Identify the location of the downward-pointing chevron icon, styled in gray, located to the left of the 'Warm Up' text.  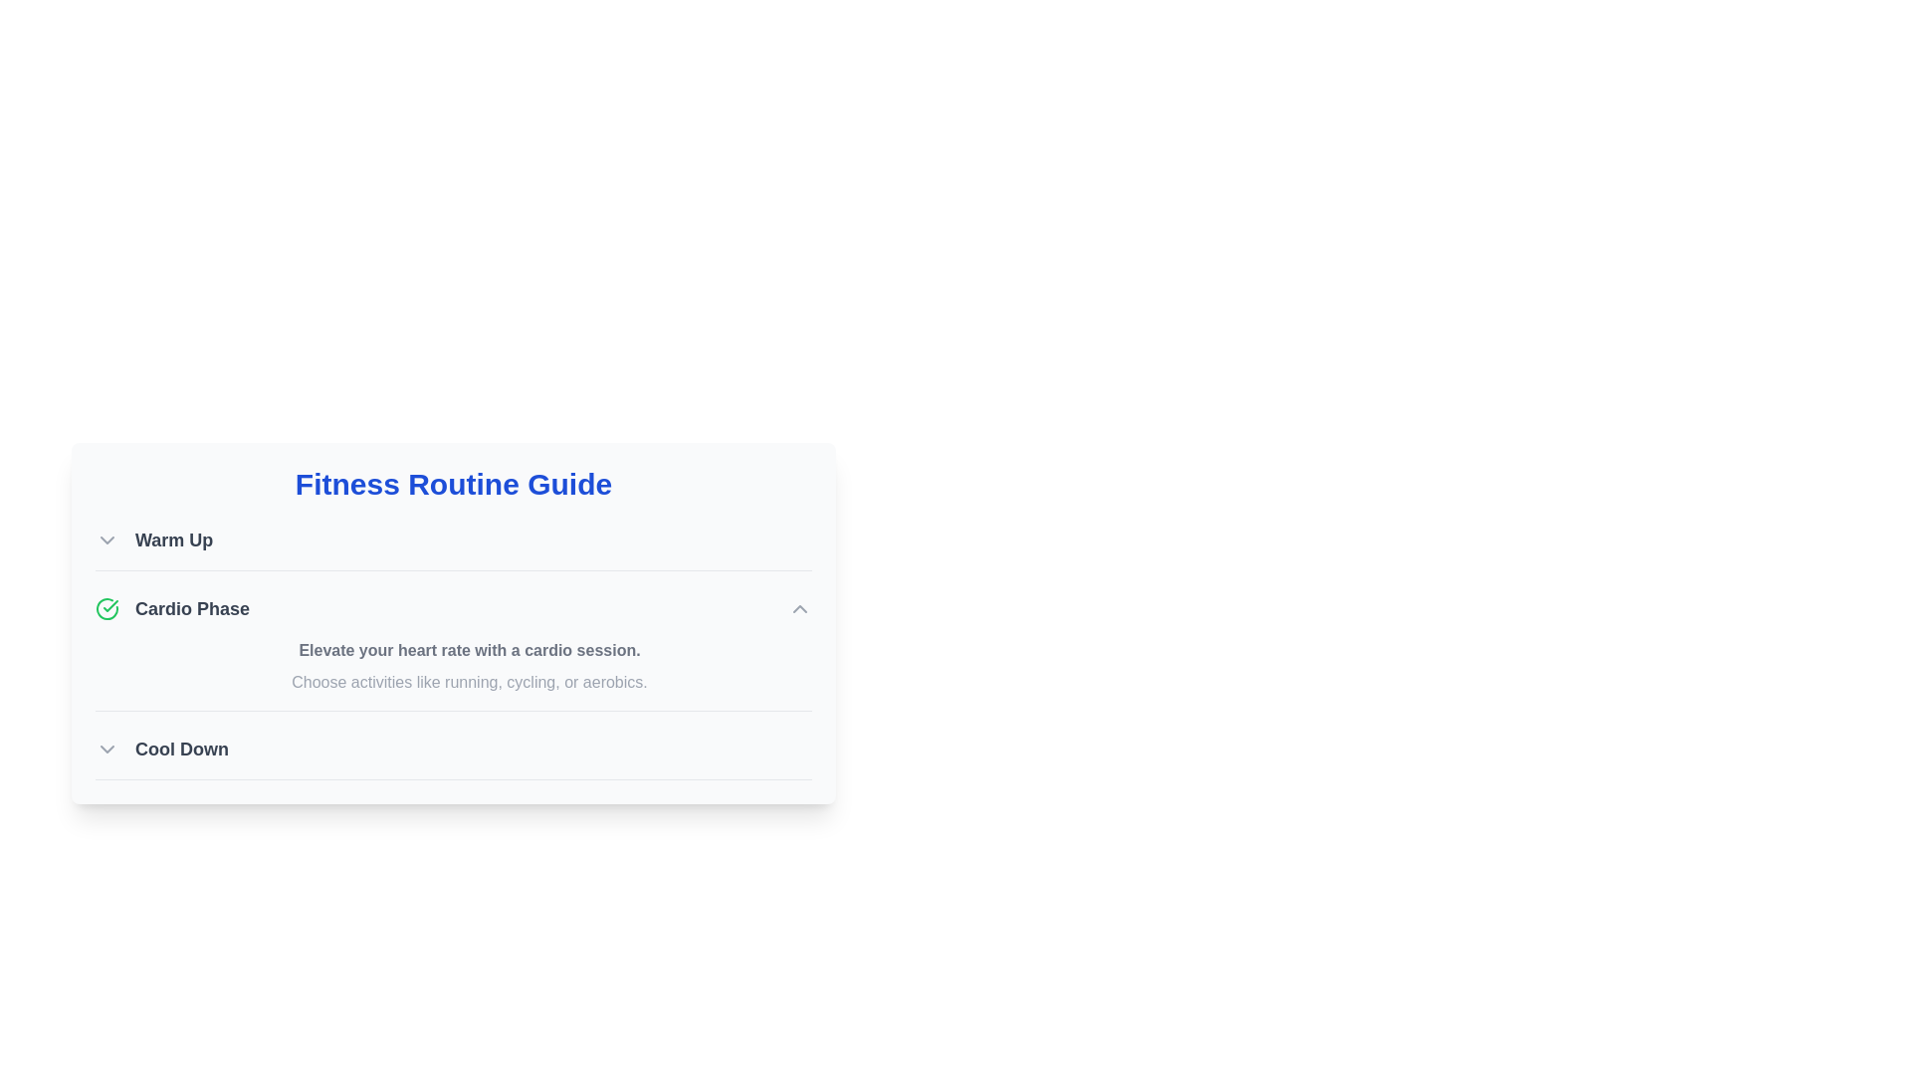
(106, 540).